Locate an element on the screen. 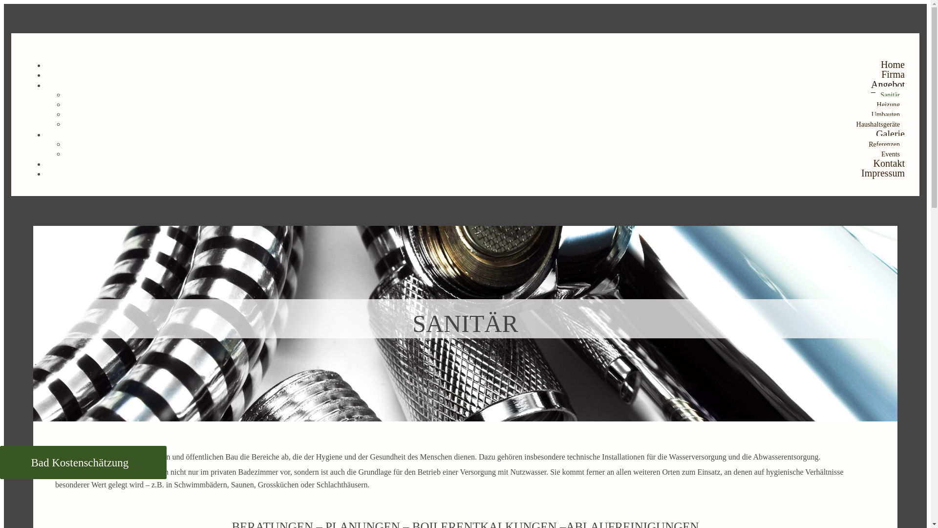 The image size is (938, 528). 'Referenzen' is located at coordinates (884, 144).